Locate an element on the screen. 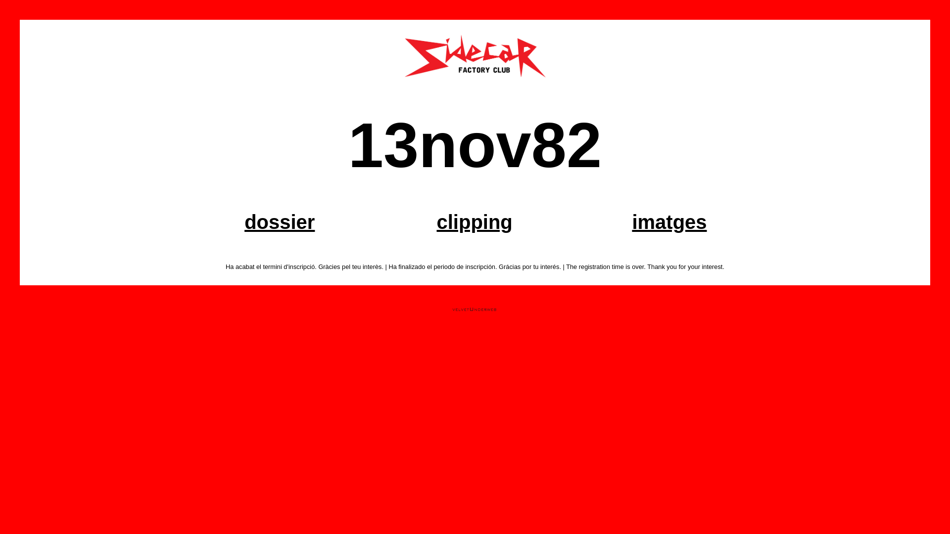 The height and width of the screenshot is (534, 950). 'dossier' is located at coordinates (279, 221).